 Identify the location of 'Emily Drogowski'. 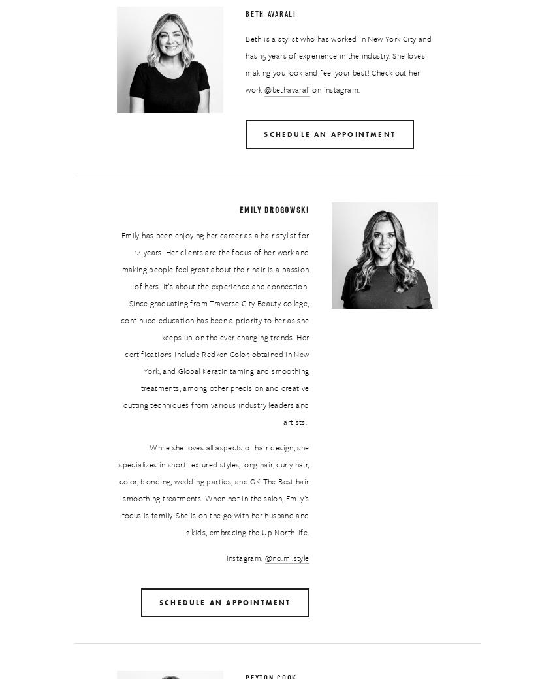
(239, 209).